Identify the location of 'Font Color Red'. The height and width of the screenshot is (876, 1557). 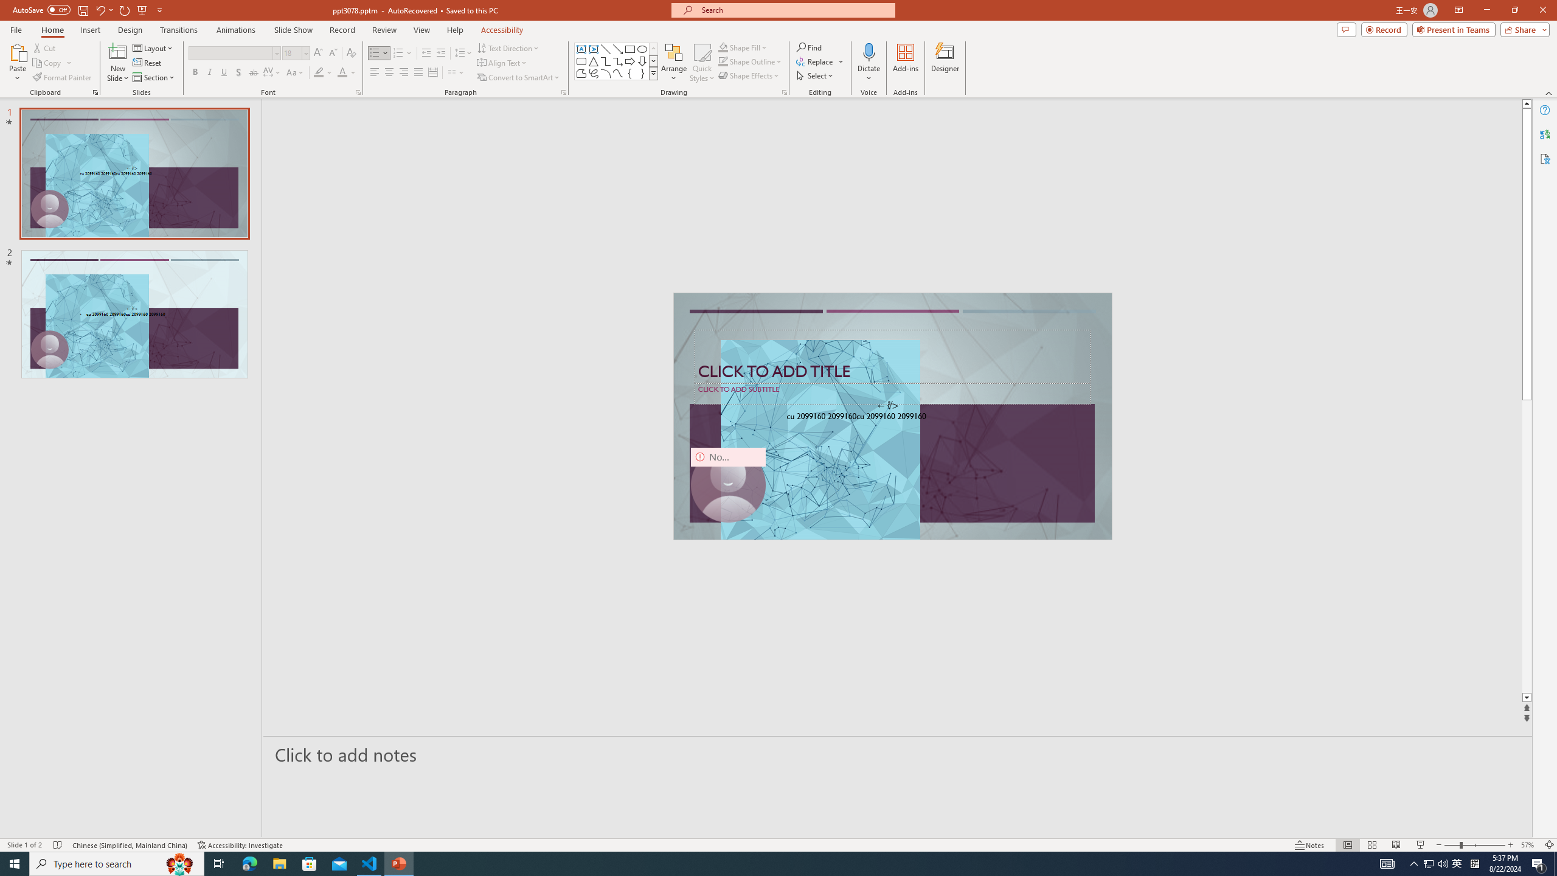
(342, 72).